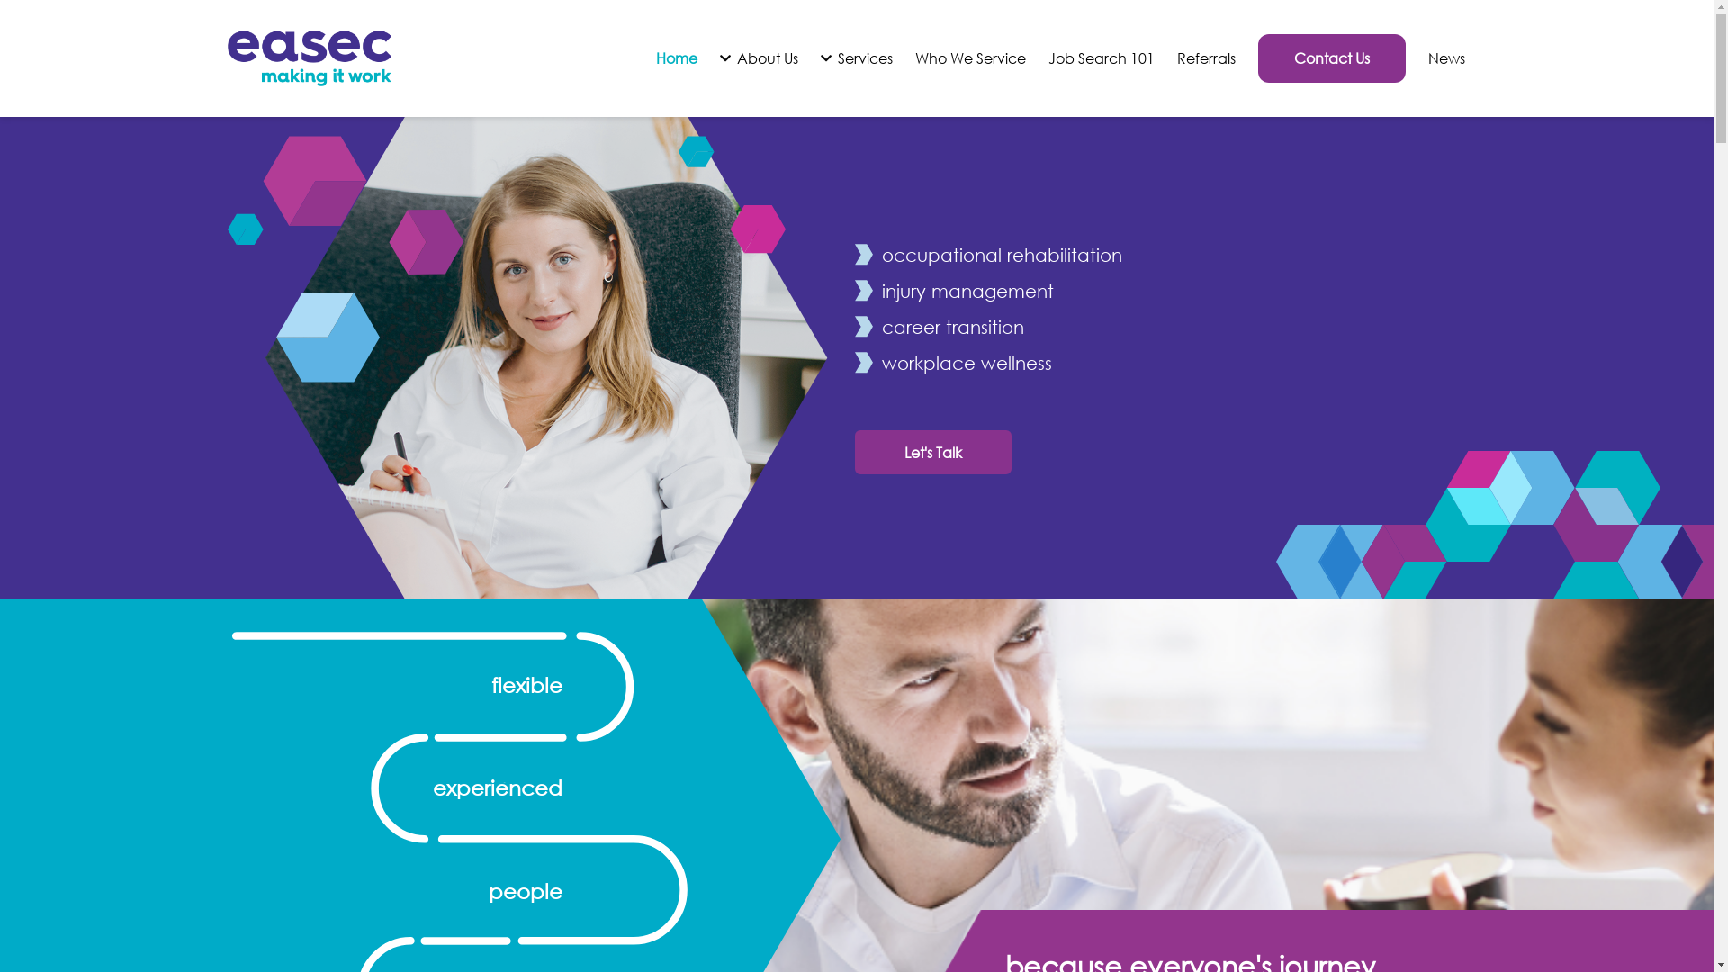 This screenshot has height=972, width=1728. What do you see at coordinates (914, 58) in the screenshot?
I see `'Who We Service'` at bounding box center [914, 58].